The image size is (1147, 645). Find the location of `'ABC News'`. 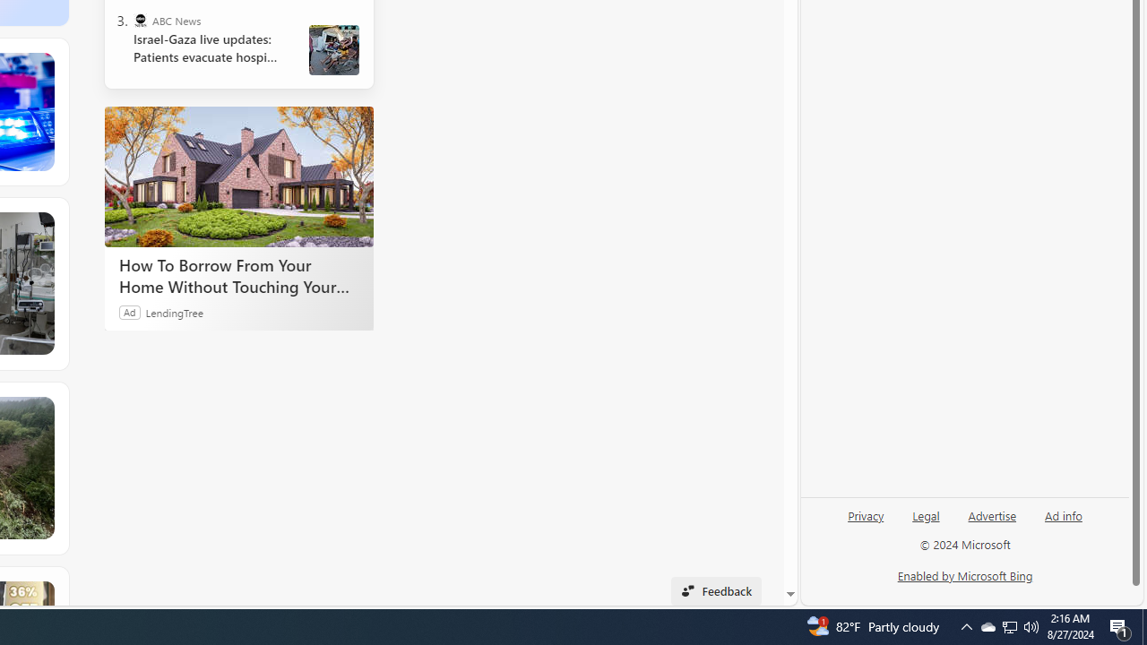

'ABC News' is located at coordinates (139, 21).